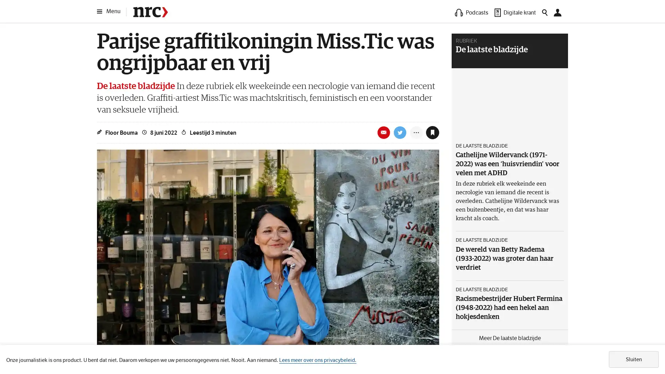 The width and height of the screenshot is (665, 374). What do you see at coordinates (544, 12) in the screenshot?
I see `Zoeken` at bounding box center [544, 12].